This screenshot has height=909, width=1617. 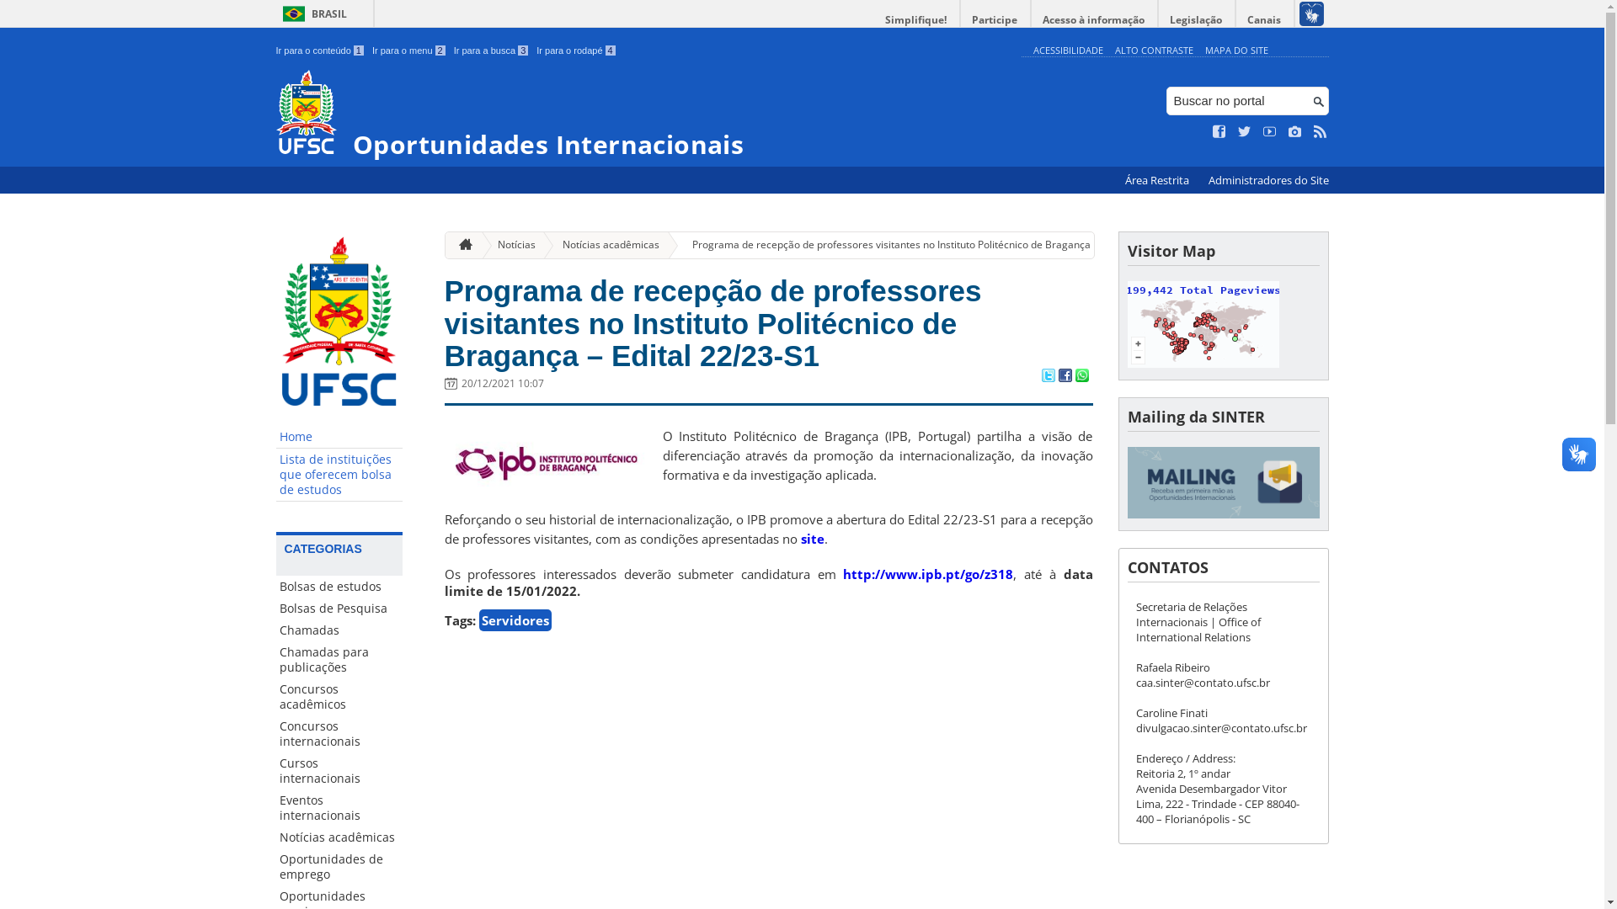 What do you see at coordinates (643, 114) in the screenshot?
I see `'Oportunidades Internacionais'` at bounding box center [643, 114].